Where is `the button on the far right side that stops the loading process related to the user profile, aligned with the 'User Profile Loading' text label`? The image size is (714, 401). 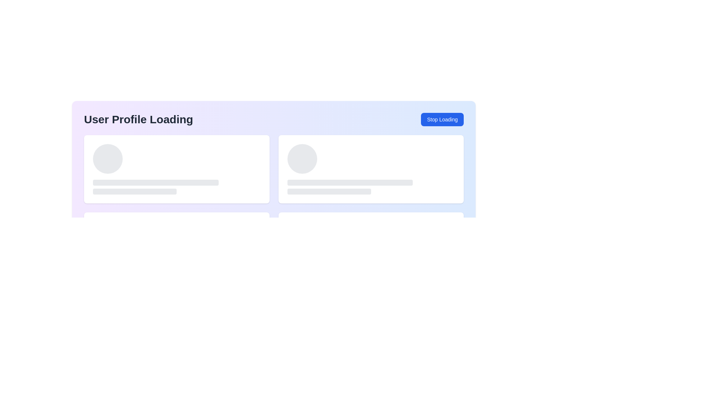 the button on the far right side that stops the loading process related to the user profile, aligned with the 'User Profile Loading' text label is located at coordinates (442, 119).